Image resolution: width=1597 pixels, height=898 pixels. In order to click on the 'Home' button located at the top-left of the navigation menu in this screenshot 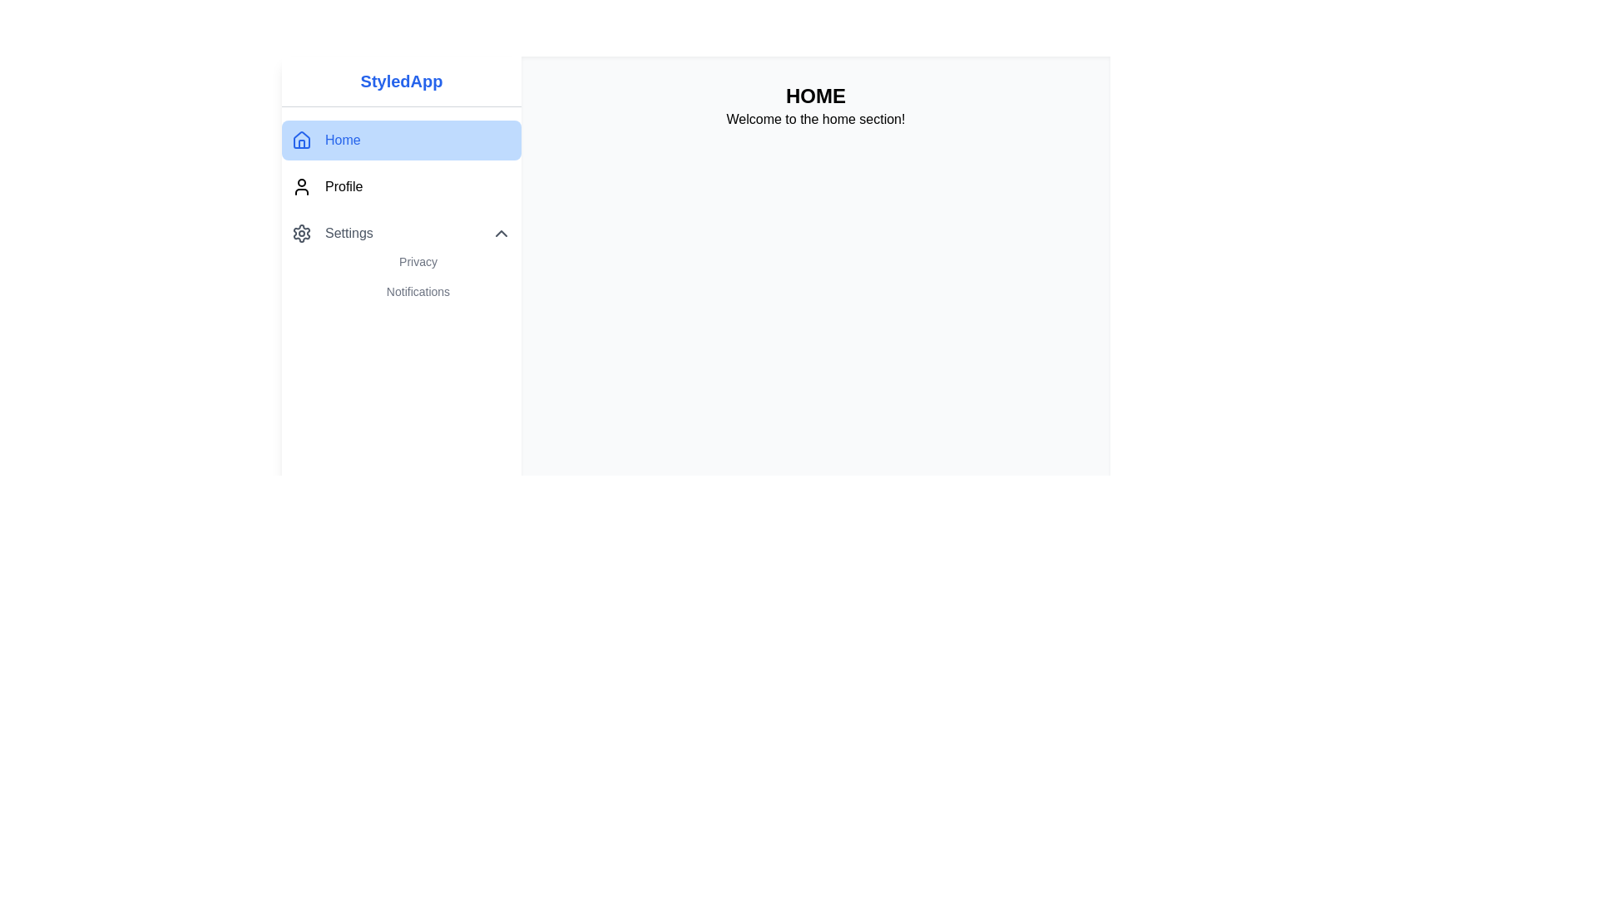, I will do `click(402, 140)`.